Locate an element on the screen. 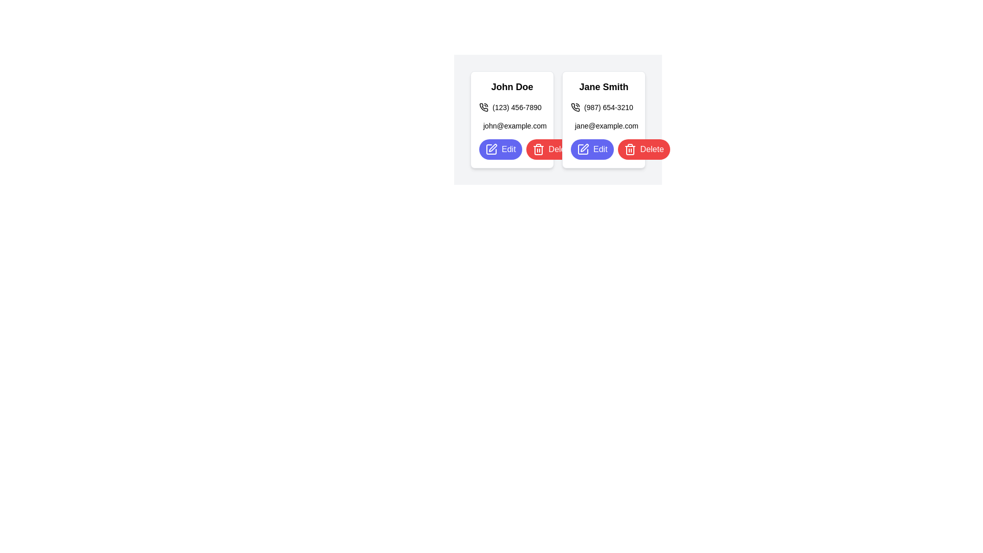 The image size is (983, 553). email address displayed in the text display component of John Doe's profile card, which is the third textual content after the name and phone number is located at coordinates (512, 125).